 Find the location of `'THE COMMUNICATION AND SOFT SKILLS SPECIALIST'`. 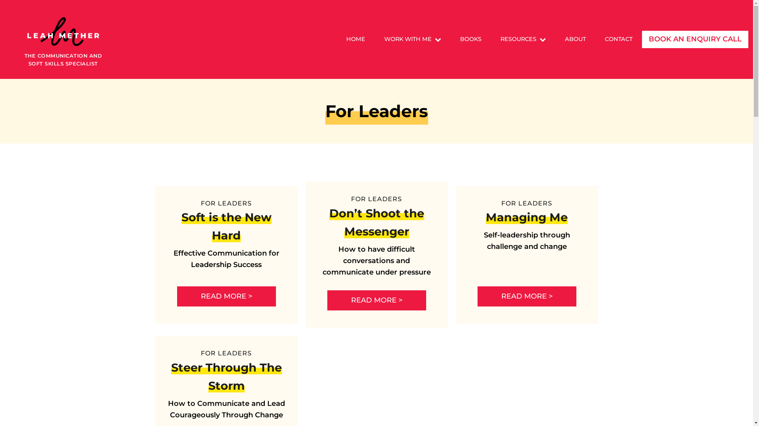

'THE COMMUNICATION AND SOFT SKILLS SPECIALIST' is located at coordinates (62, 39).